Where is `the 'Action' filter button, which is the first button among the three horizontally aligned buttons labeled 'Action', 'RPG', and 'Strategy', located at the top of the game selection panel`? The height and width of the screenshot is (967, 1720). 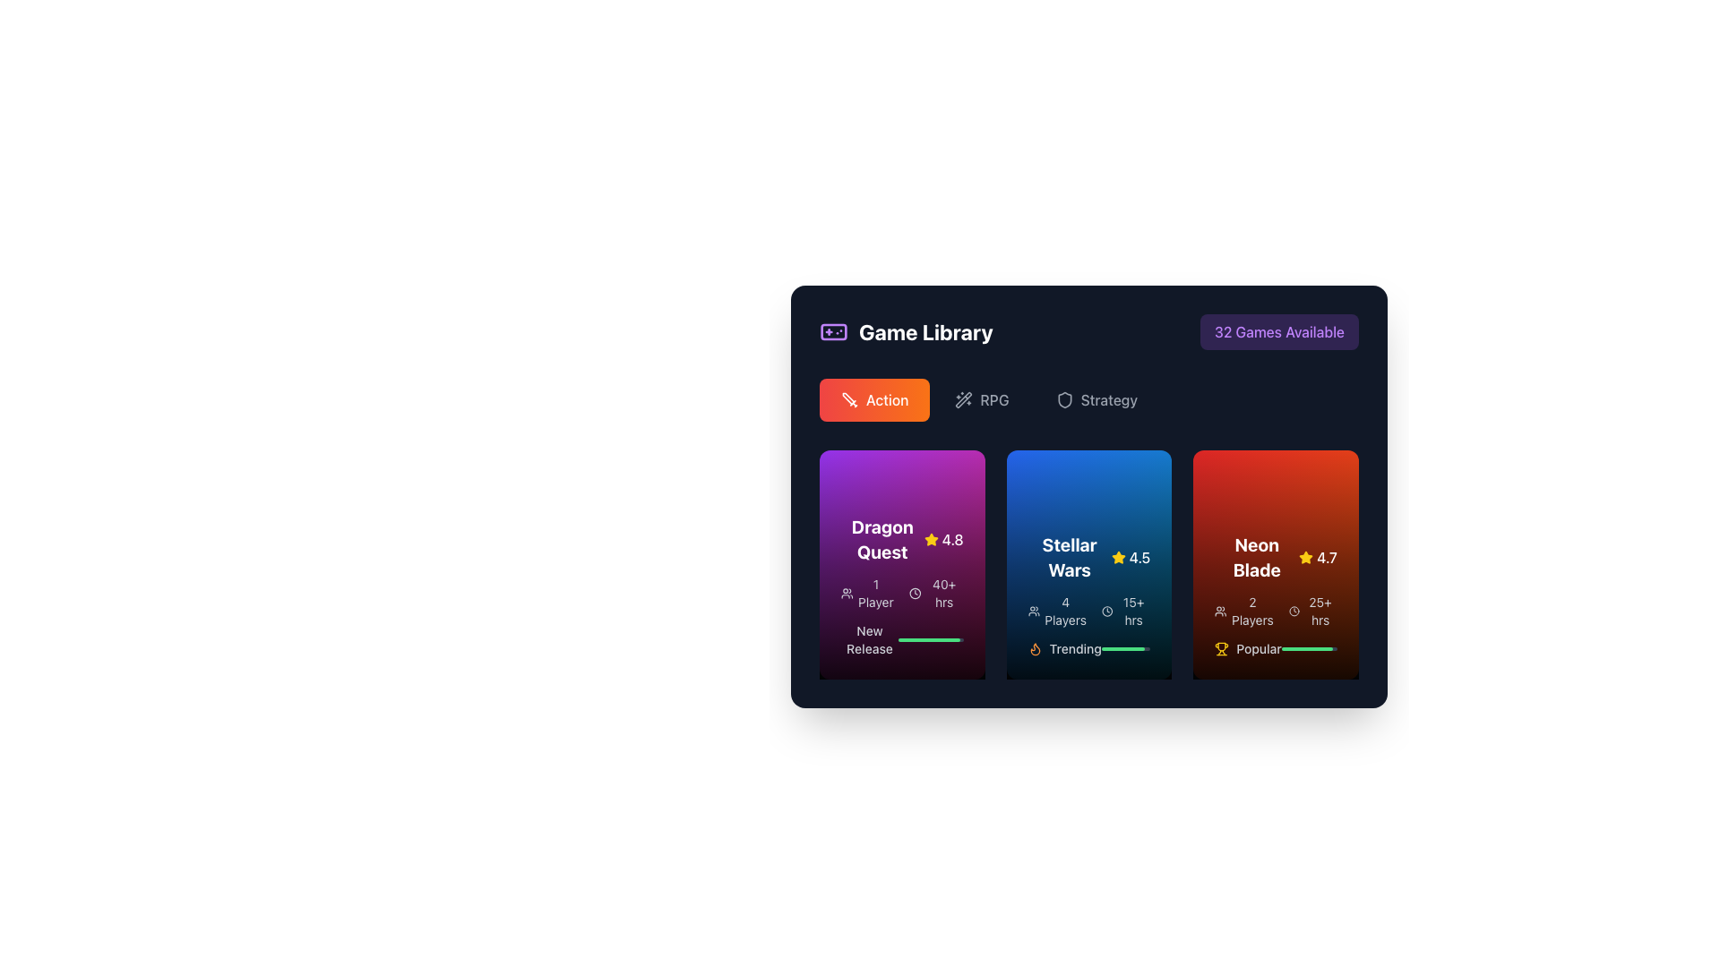
the 'Action' filter button, which is the first button among the three horizontally aligned buttons labeled 'Action', 'RPG', and 'Strategy', located at the top of the game selection panel is located at coordinates (874, 399).